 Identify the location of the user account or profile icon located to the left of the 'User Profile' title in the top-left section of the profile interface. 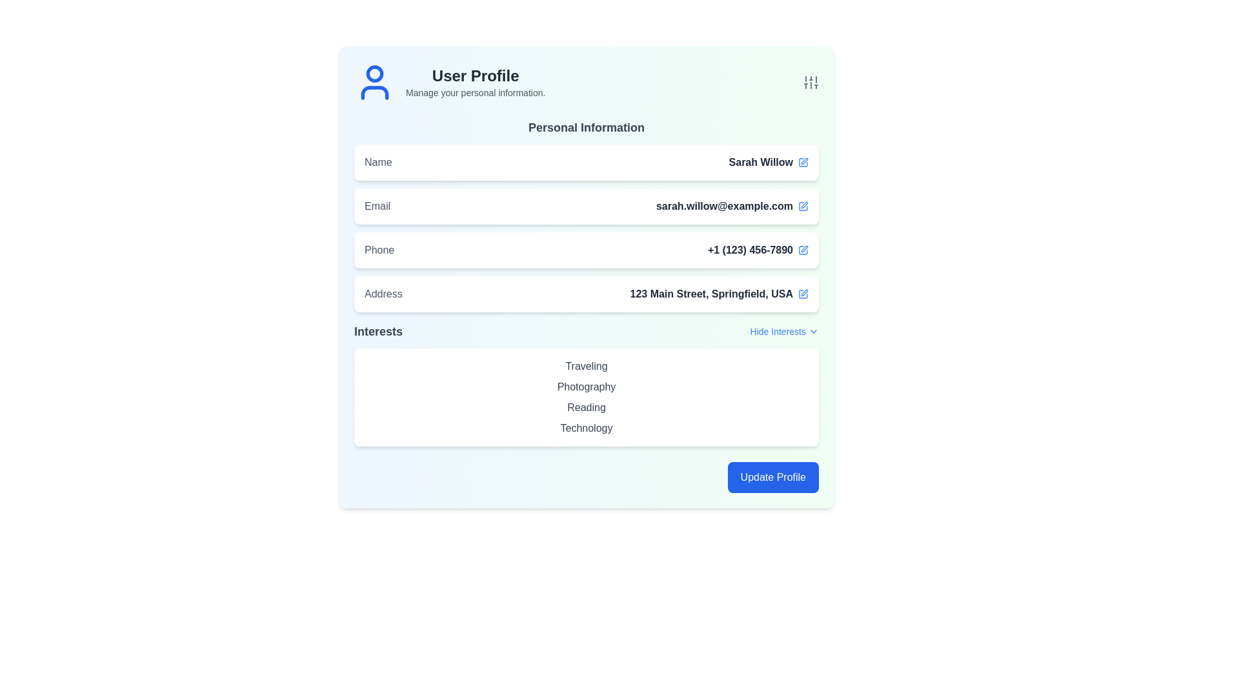
(374, 82).